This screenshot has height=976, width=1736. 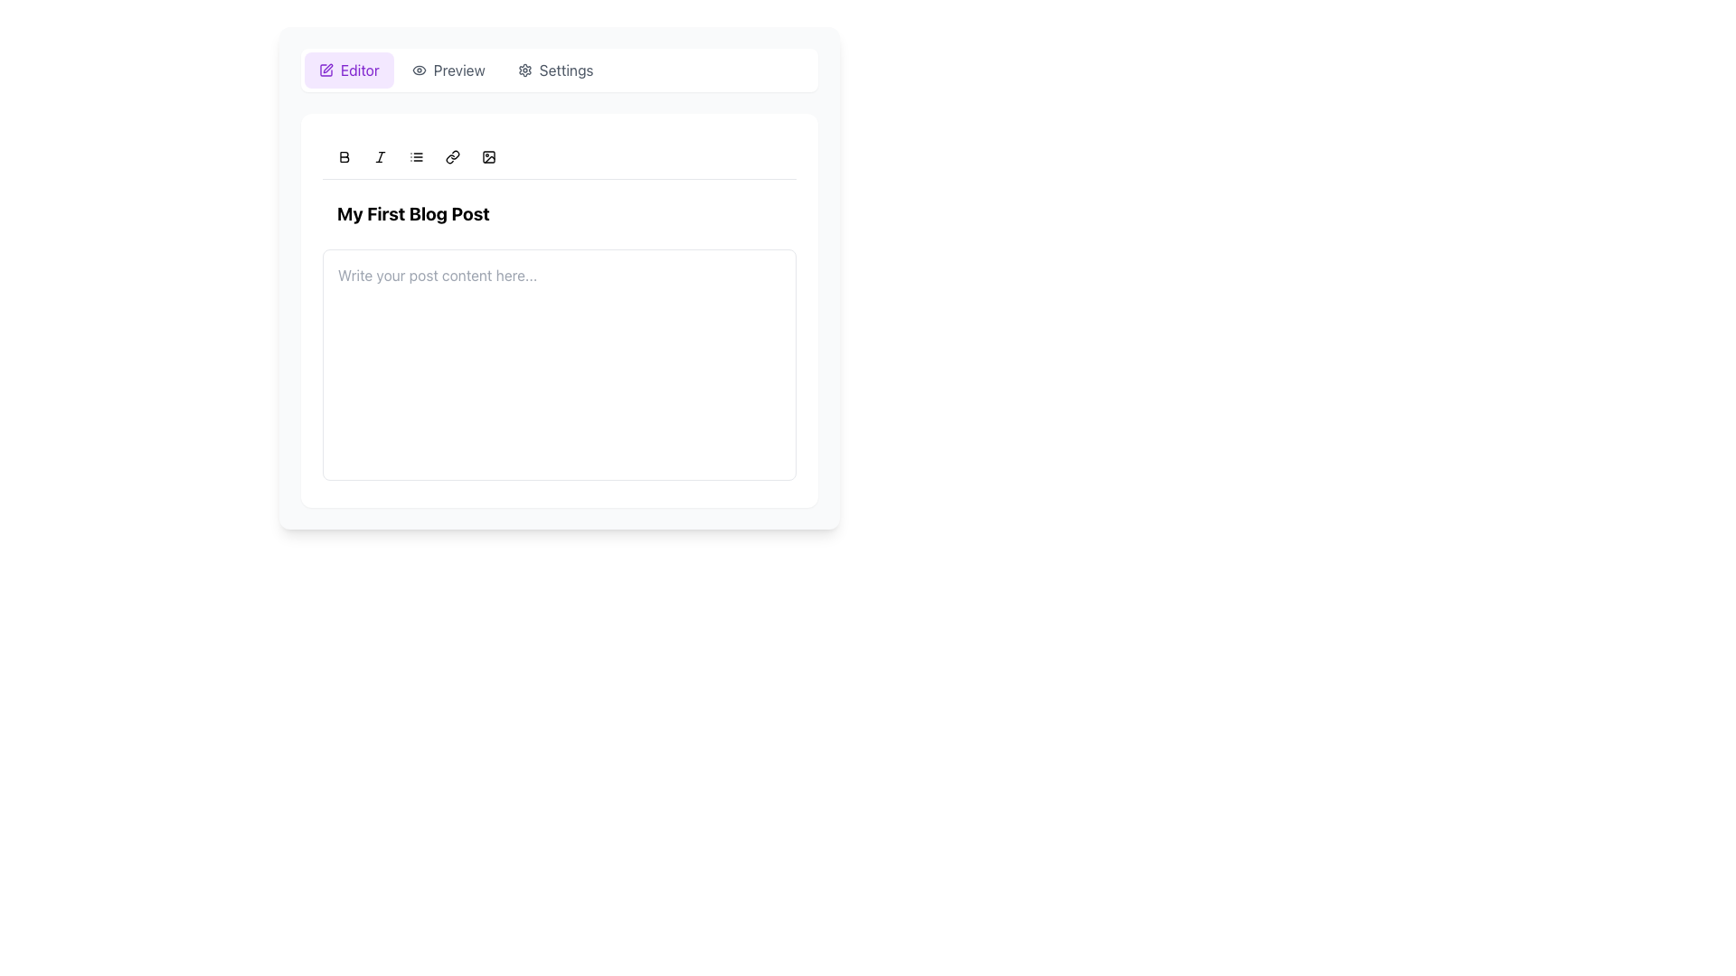 What do you see at coordinates (497, 145) in the screenshot?
I see `the tooltip displaying the text 'Image', which appears below the image icon in a toolbar when hovered over` at bounding box center [497, 145].